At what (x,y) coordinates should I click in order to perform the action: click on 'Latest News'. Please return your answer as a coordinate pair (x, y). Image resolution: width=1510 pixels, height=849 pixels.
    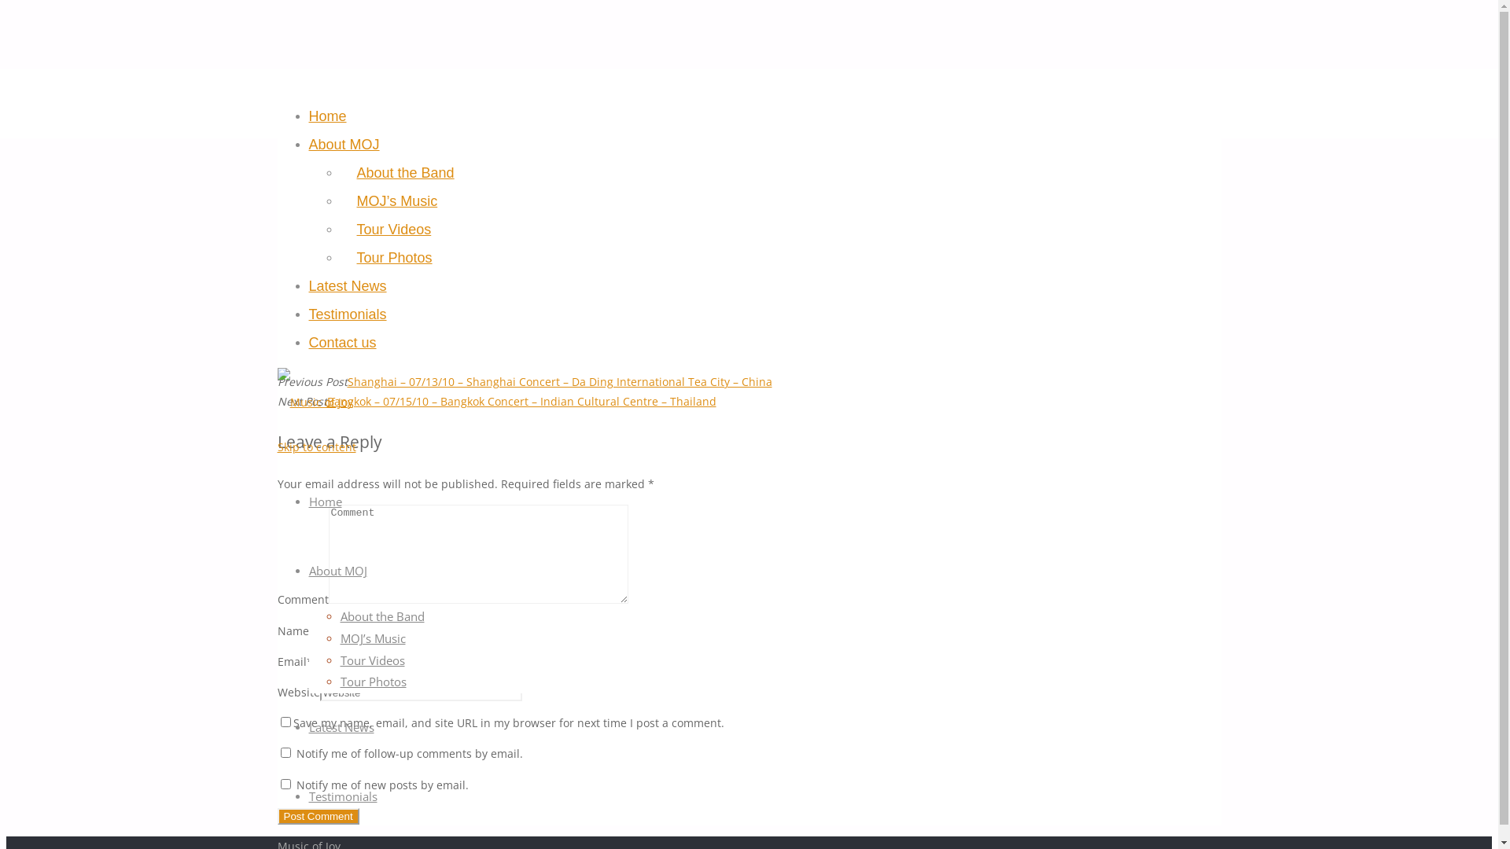
    Looking at the image, I should click on (340, 727).